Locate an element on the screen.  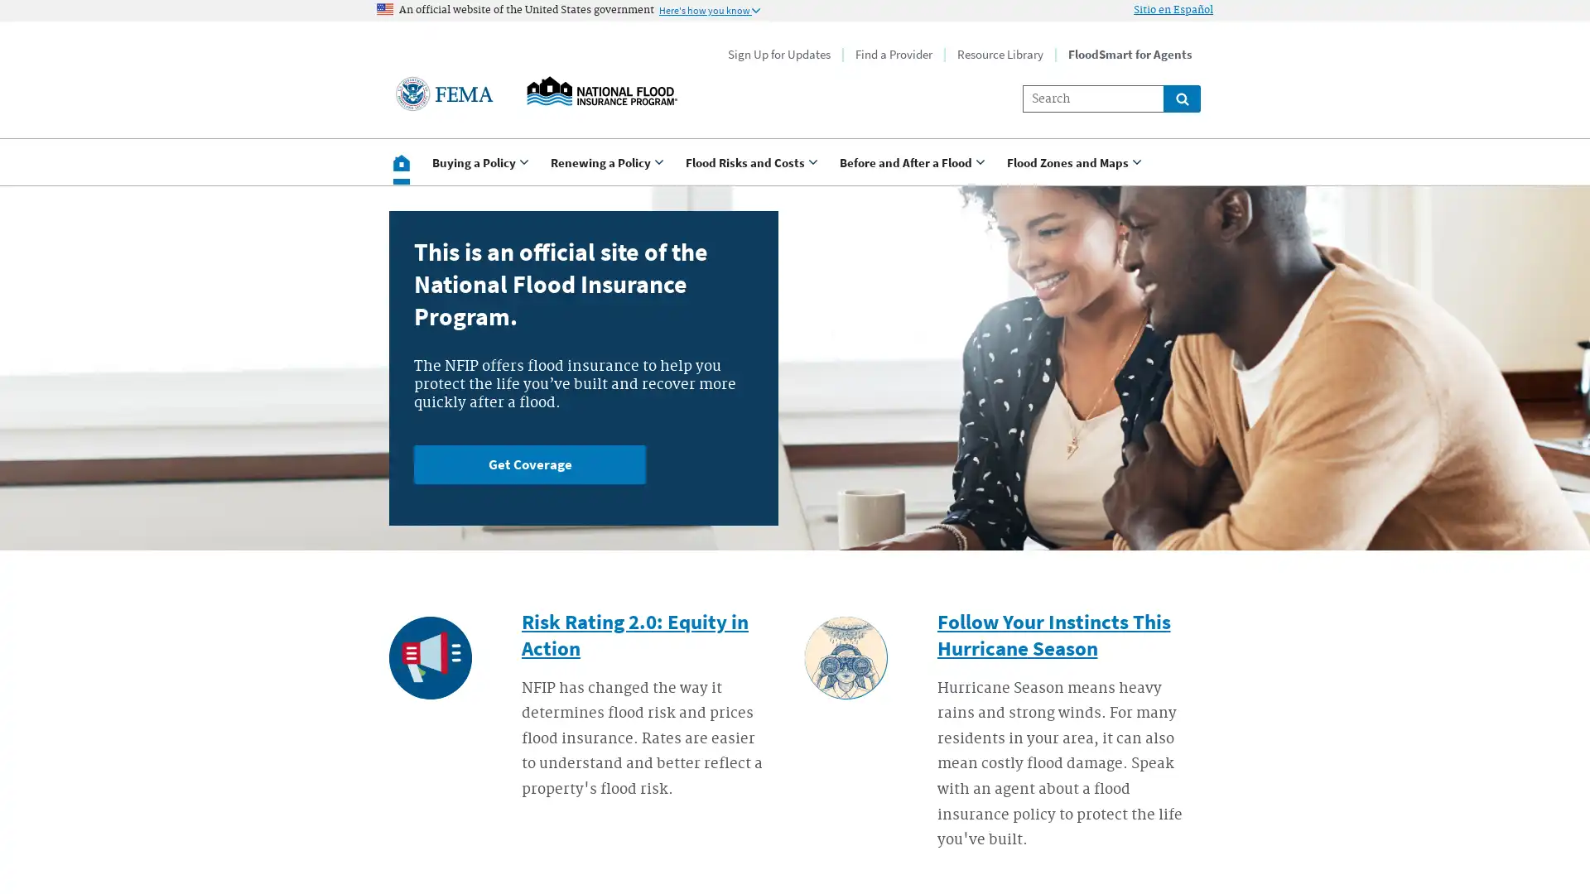
Use <enter> and shift + <enter> to open and close the drop down to sub-menus is located at coordinates (482, 161).